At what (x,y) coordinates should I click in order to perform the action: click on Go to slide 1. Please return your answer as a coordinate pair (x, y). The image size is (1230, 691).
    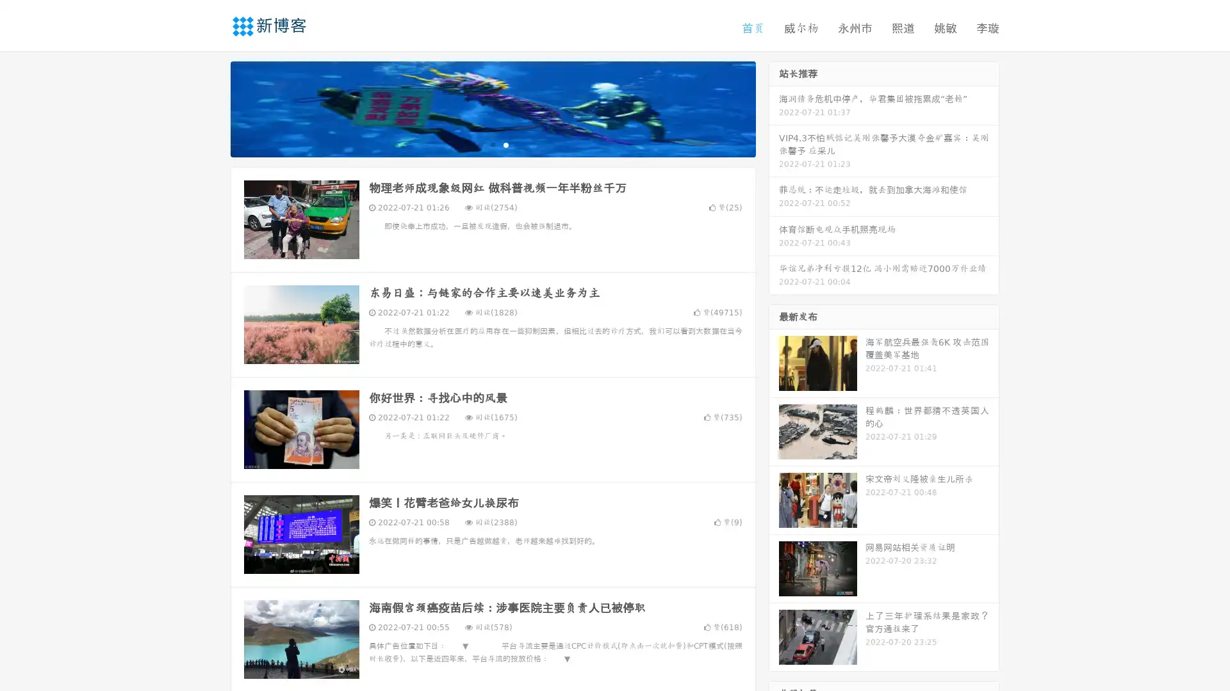
    Looking at the image, I should click on (479, 144).